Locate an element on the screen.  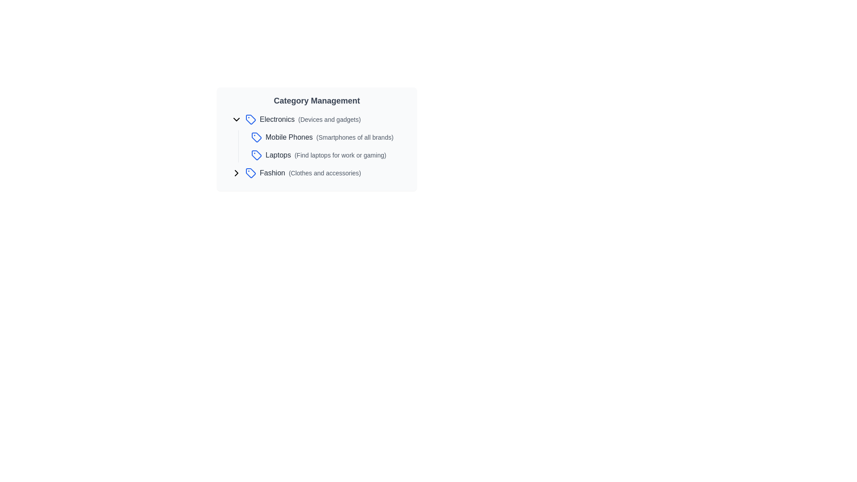
the 'Electronics' category icon located in the 'Category Management' section is located at coordinates (250, 119).